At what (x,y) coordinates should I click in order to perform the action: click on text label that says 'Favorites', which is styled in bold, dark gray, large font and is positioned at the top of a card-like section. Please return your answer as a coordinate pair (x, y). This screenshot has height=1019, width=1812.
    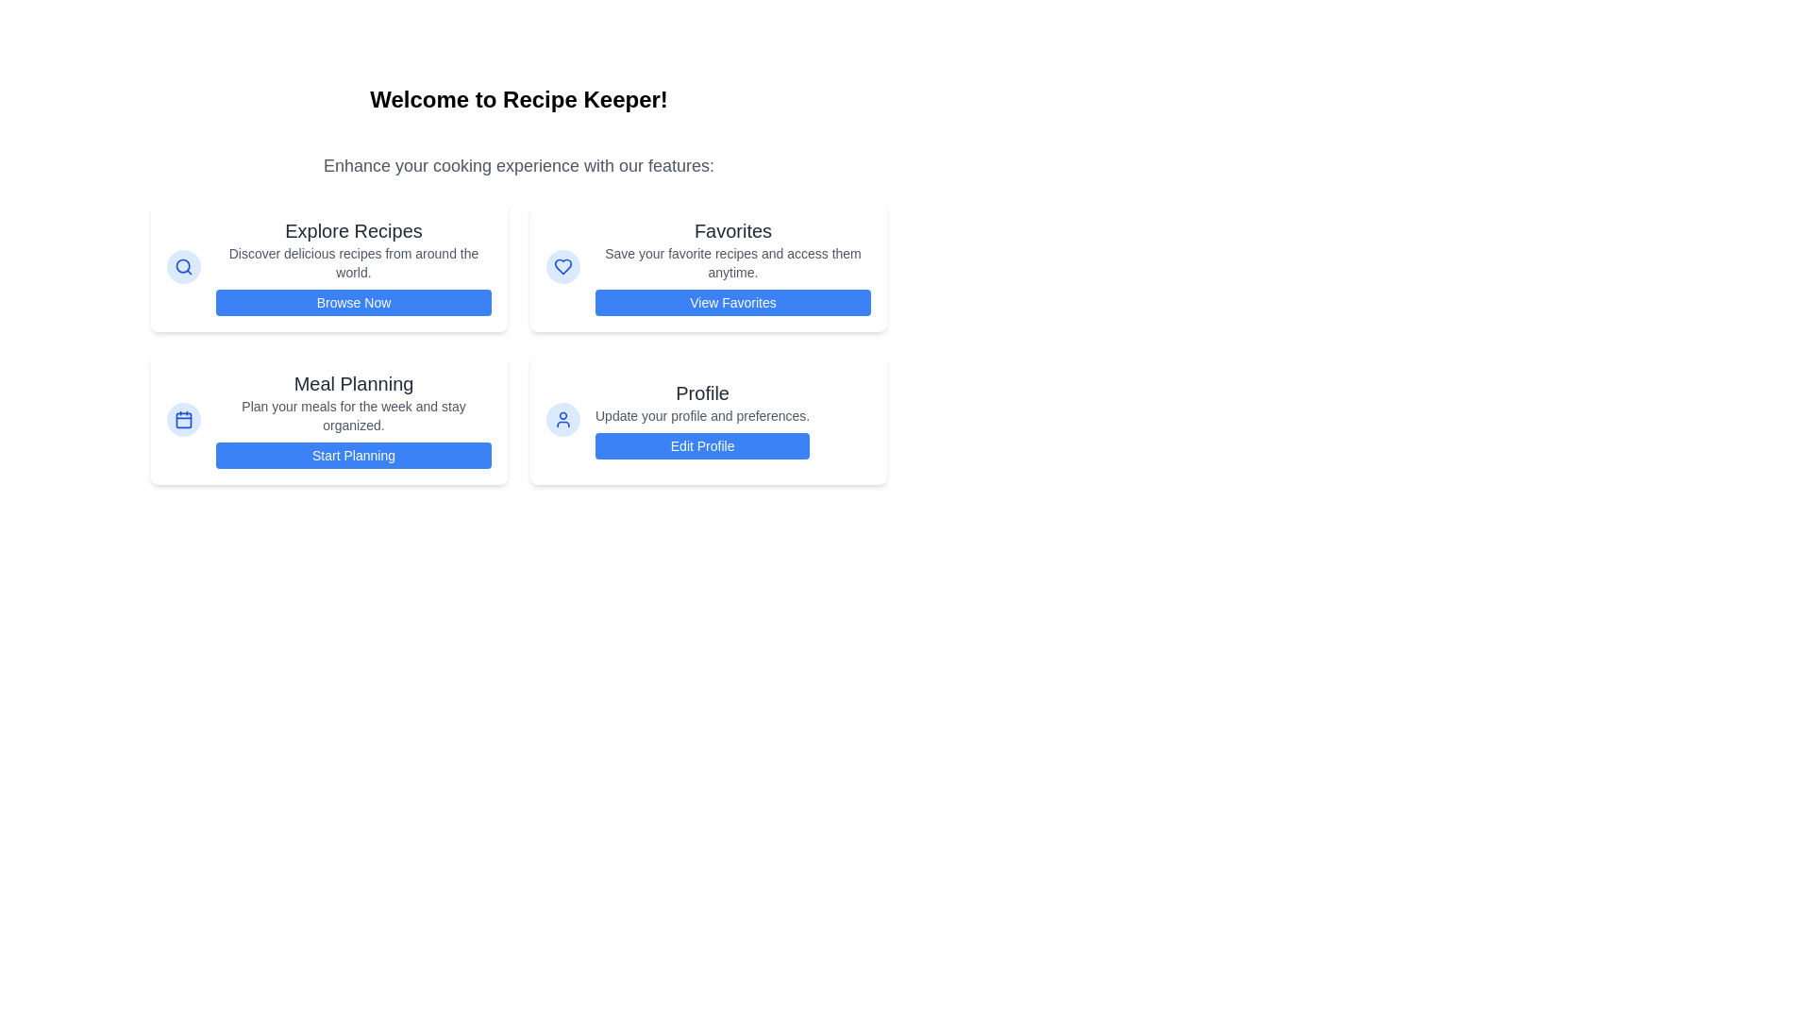
    Looking at the image, I should click on (732, 230).